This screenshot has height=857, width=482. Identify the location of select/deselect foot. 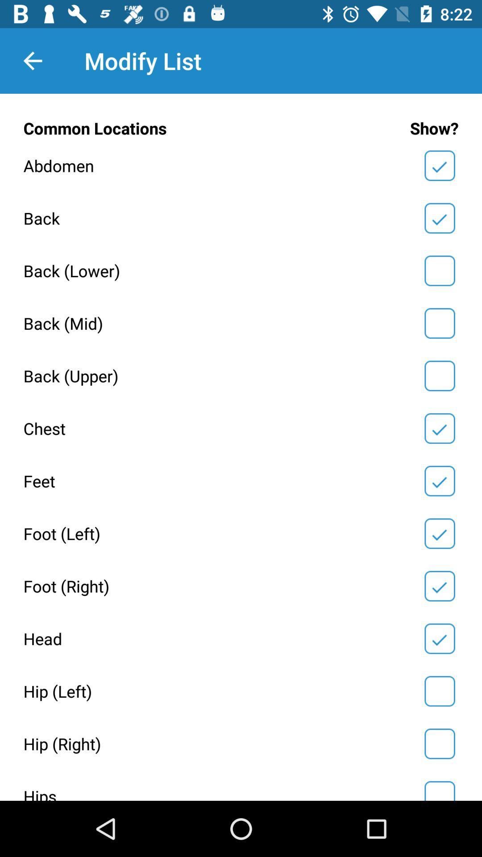
(439, 533).